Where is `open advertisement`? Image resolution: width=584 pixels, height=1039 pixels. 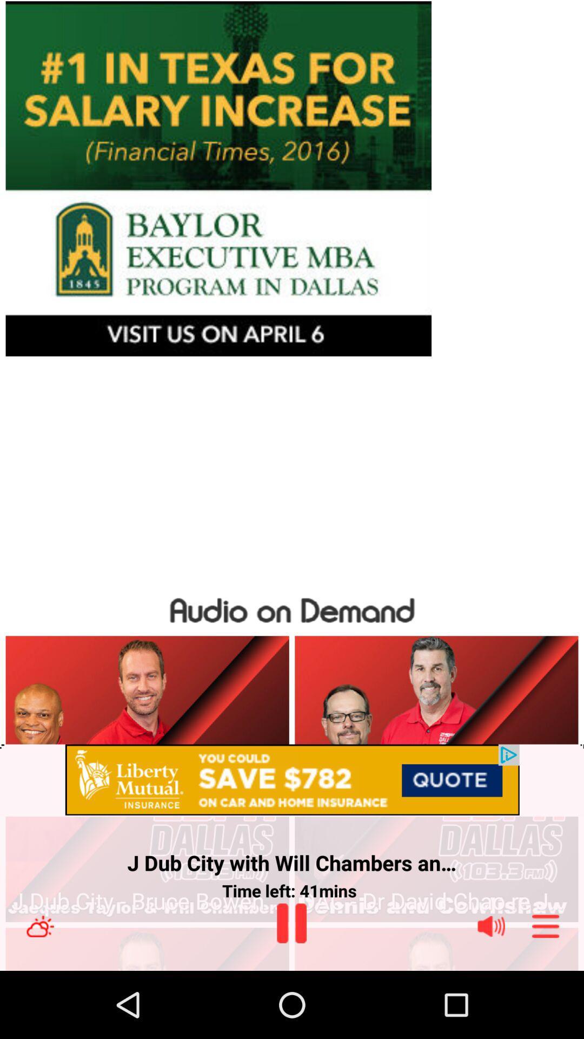 open advertisement is located at coordinates (292, 780).